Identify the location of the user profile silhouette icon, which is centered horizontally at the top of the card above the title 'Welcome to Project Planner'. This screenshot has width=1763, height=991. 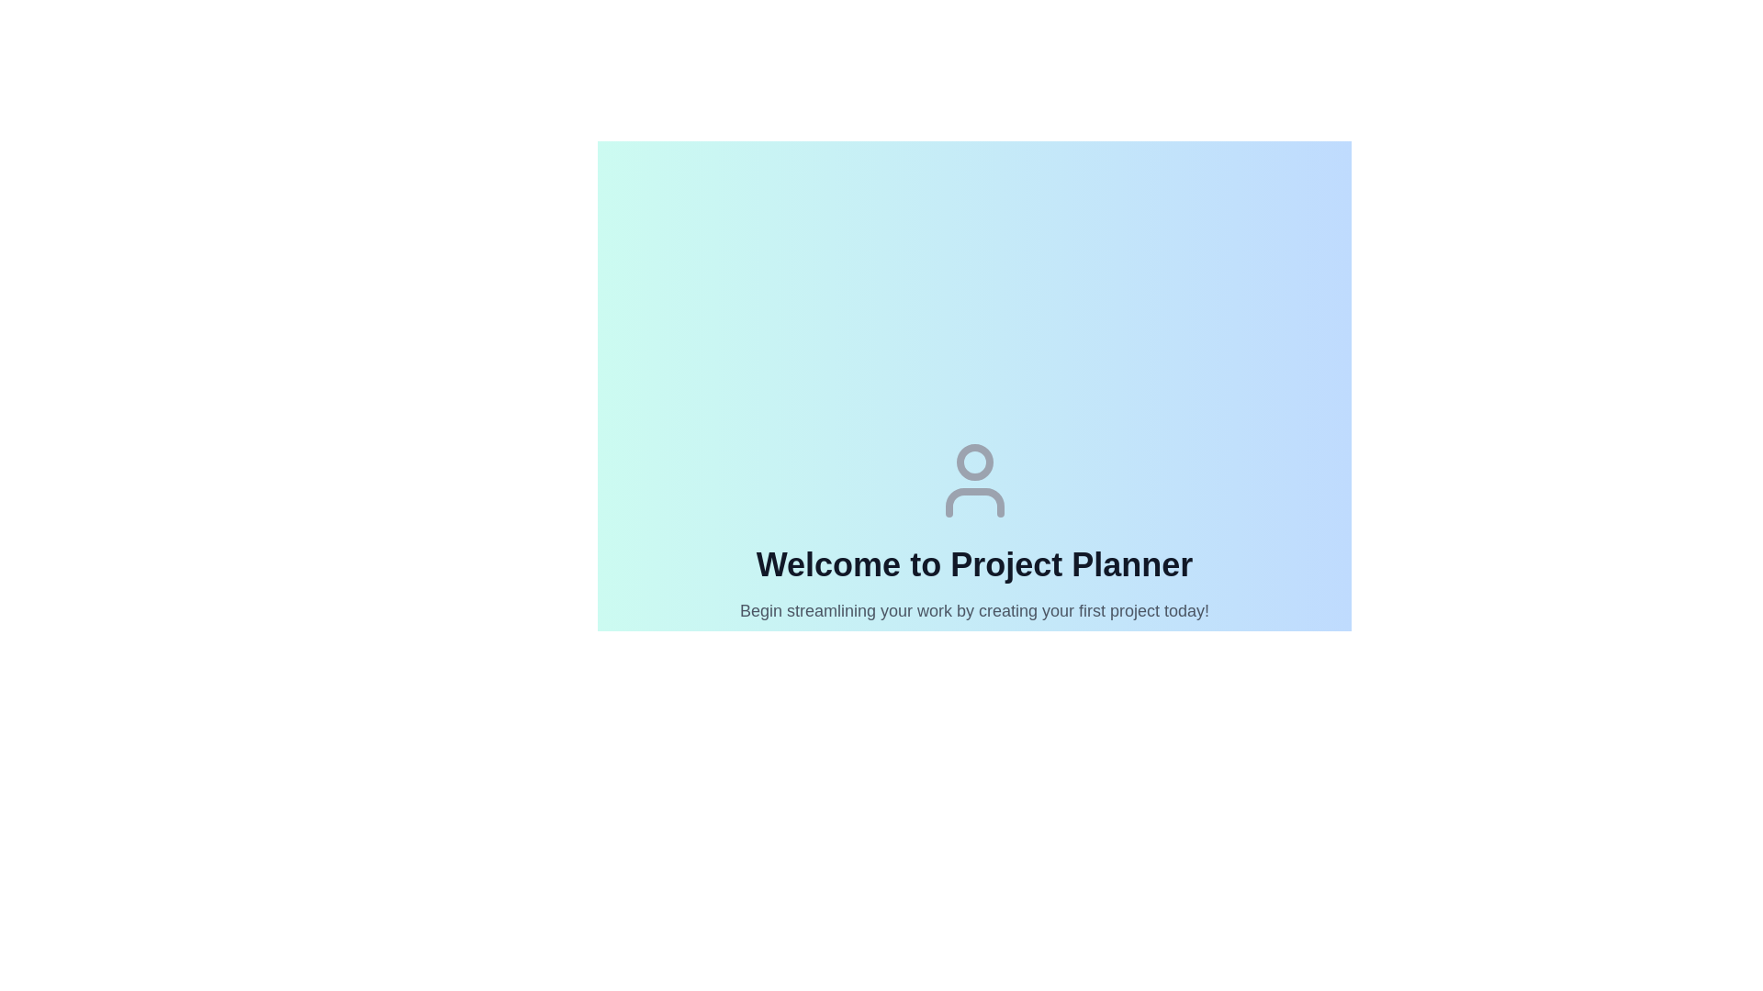
(973, 480).